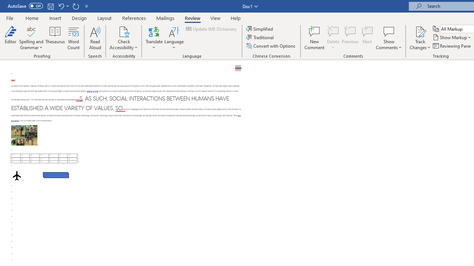 The width and height of the screenshot is (474, 266). I want to click on 'Home', so click(31, 18).